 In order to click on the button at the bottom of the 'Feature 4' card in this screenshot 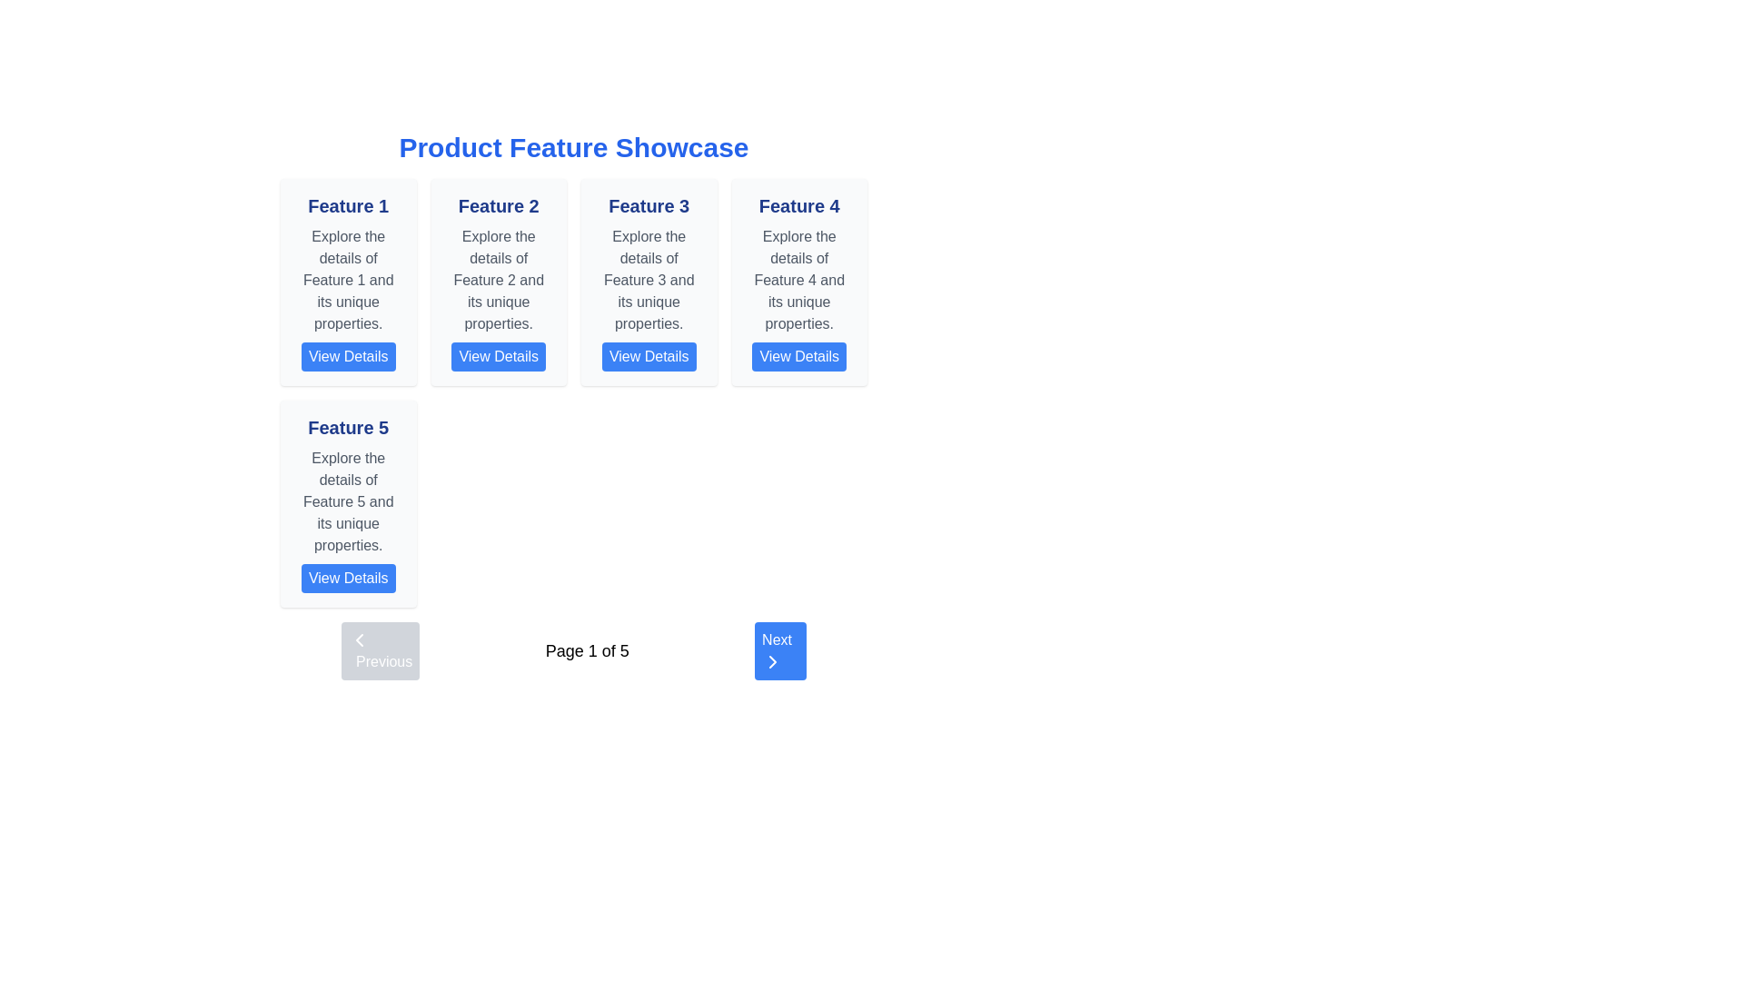, I will do `click(799, 357)`.